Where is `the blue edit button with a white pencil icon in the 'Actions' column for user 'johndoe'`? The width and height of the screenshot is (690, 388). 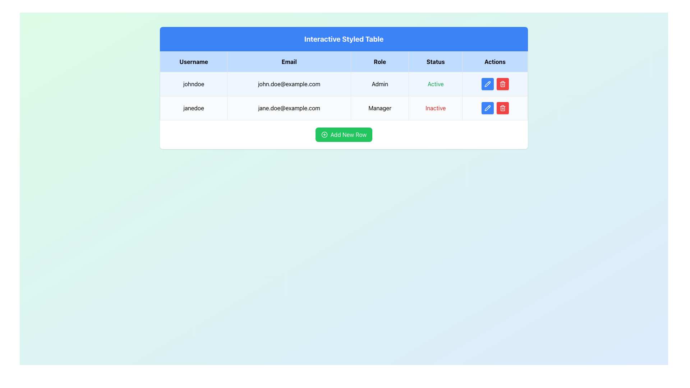 the blue edit button with a white pencil icon in the 'Actions' column for user 'johndoe' is located at coordinates (487, 84).